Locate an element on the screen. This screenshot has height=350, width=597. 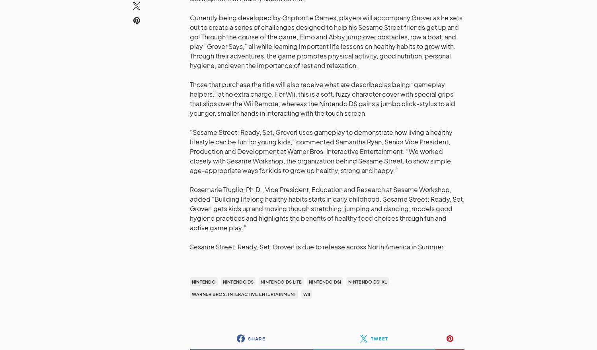
'Rosemarie Truglio, Ph.D., Vice President, Education and Research at Sesame Workshop, added “Building lifelong healthy habits starts in early childhood. Sesame Street: Ready, Set, Grover! gets kids up and moving though stretching, jumping and dancing, models good hygiene practices and highlights the benefits of healthy food choices through fun and active game play.”' is located at coordinates (327, 208).